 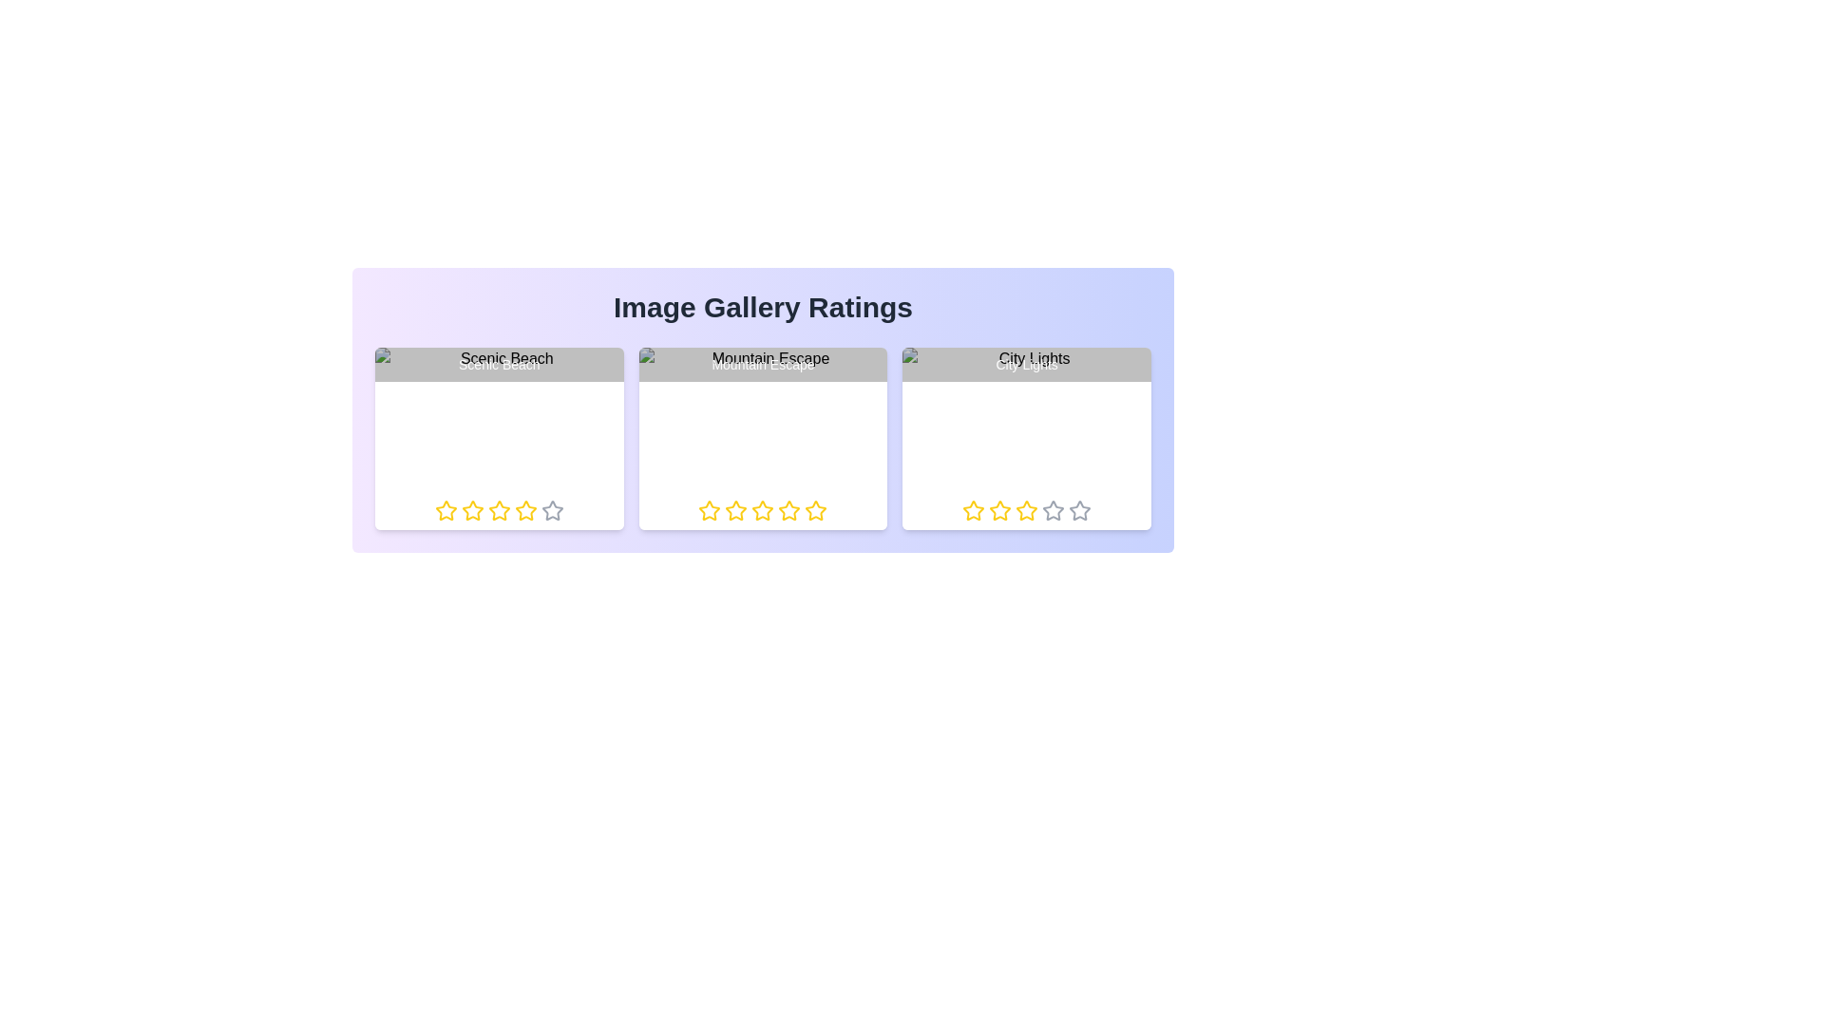 What do you see at coordinates (988, 509) in the screenshot?
I see `the rating for the image titled 'City Lights' to 2 stars` at bounding box center [988, 509].